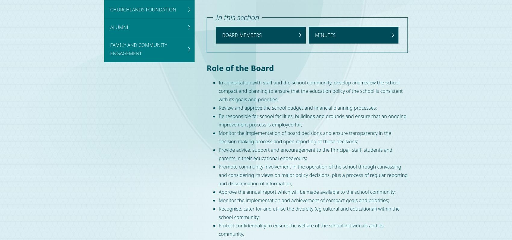 This screenshot has height=240, width=512. Describe the element at coordinates (325, 35) in the screenshot. I see `'Minutes'` at that location.